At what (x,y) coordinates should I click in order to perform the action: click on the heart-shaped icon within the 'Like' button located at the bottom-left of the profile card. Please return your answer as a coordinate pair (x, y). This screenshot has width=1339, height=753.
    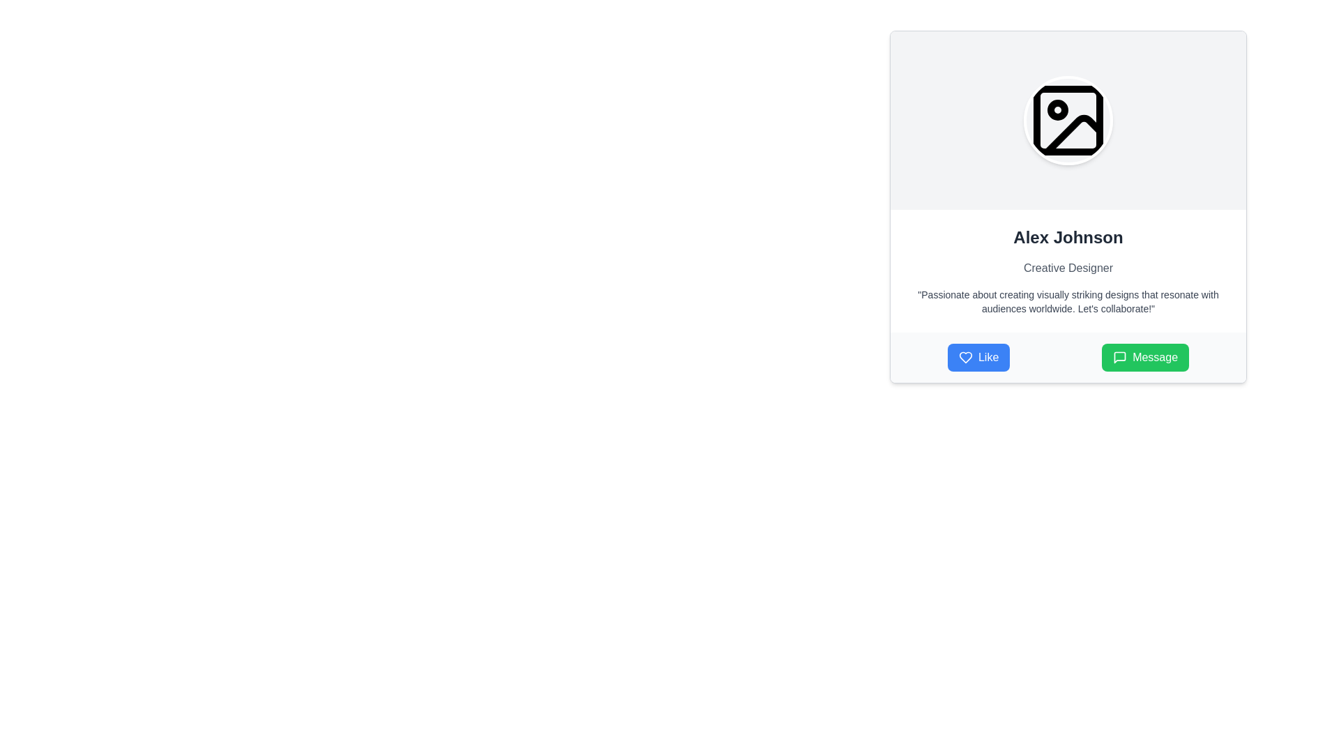
    Looking at the image, I should click on (964, 357).